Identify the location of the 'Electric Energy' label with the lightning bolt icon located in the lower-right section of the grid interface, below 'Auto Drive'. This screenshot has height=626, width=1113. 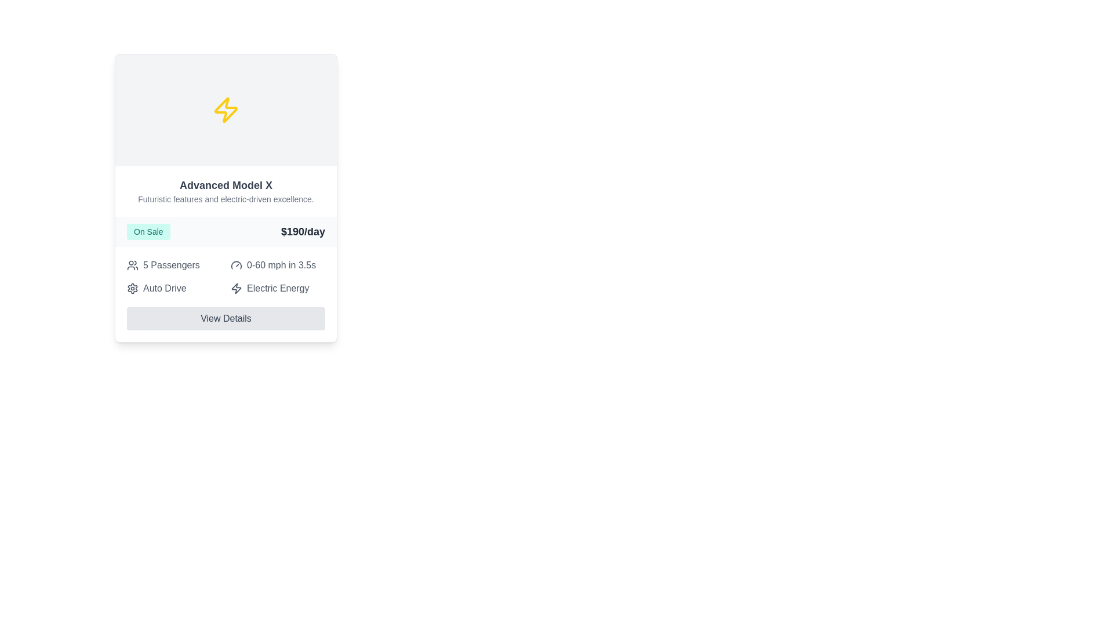
(277, 287).